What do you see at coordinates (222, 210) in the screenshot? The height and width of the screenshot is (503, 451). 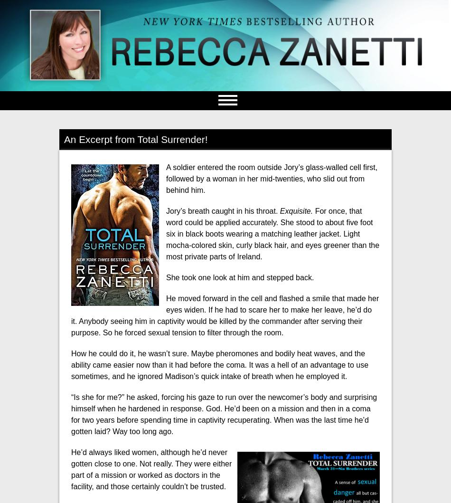 I see `'Jory’s breath caught in his throat.'` at bounding box center [222, 210].